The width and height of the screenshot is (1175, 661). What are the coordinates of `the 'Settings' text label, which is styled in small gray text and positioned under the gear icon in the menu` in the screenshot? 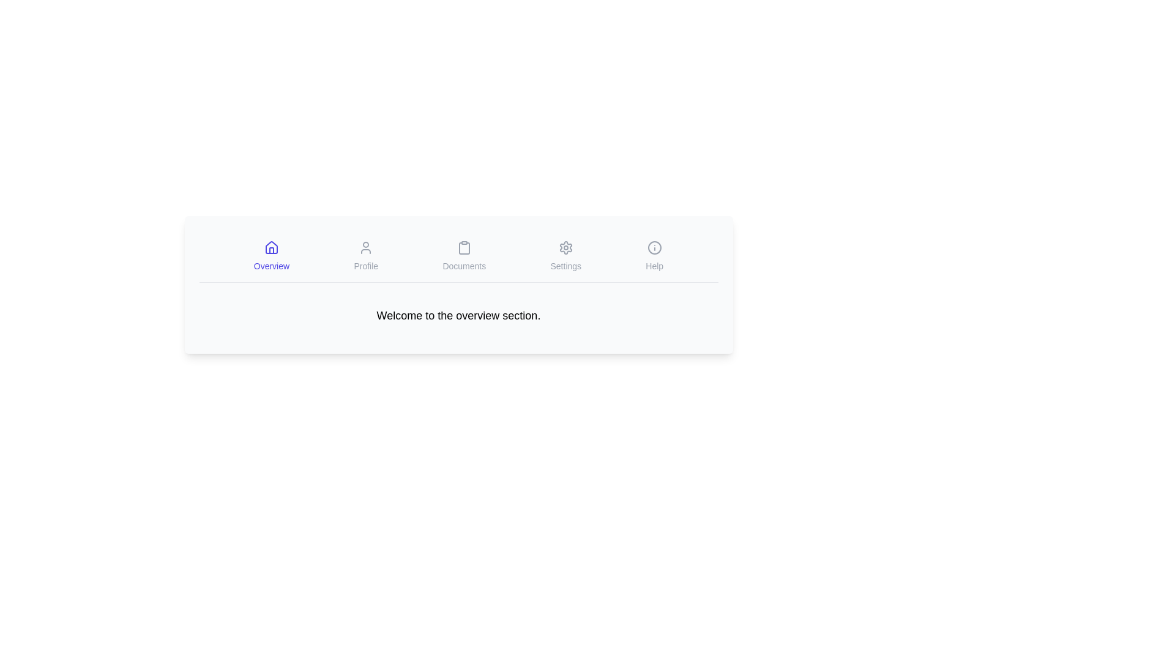 It's located at (565, 266).